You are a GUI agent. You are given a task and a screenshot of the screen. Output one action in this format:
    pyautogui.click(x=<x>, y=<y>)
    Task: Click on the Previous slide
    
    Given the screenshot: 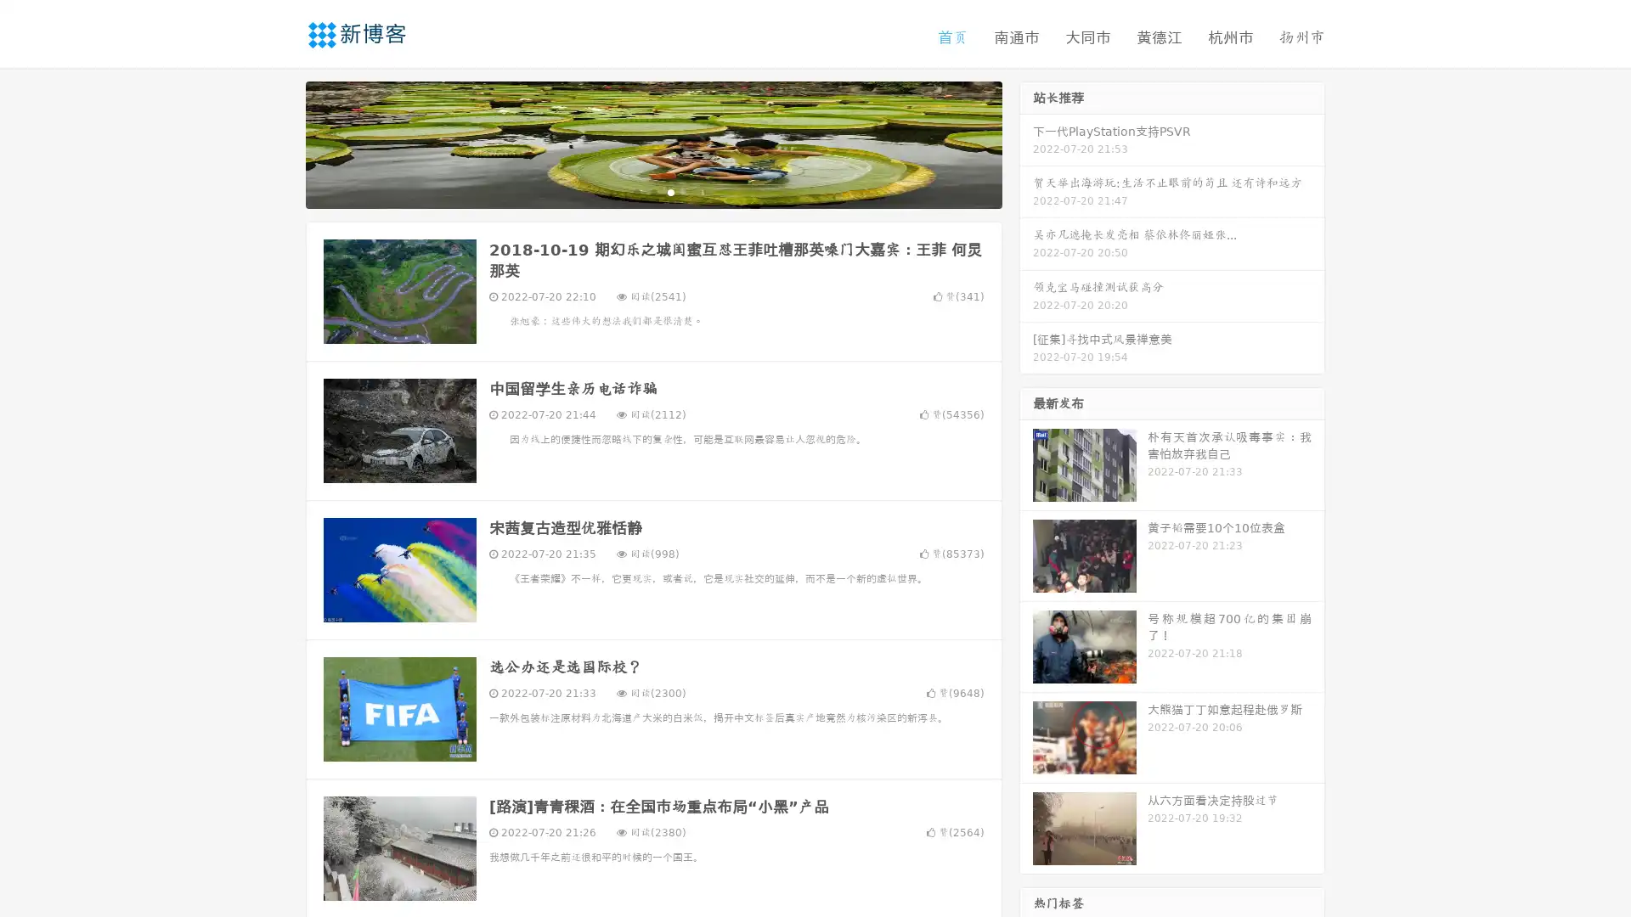 What is the action you would take?
    pyautogui.click(x=280, y=143)
    